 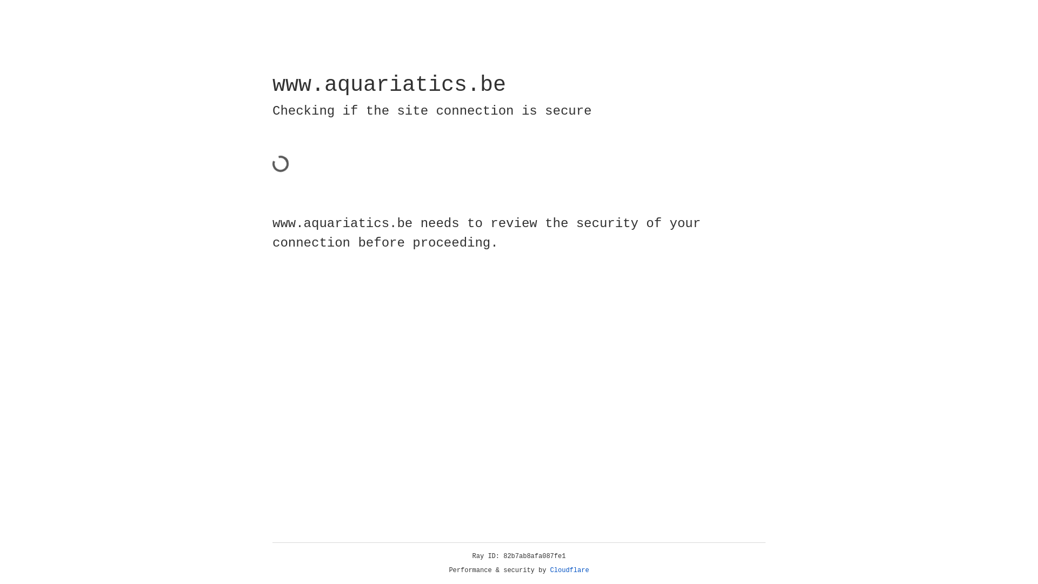 I want to click on 'Cloudflare', so click(x=569, y=570).